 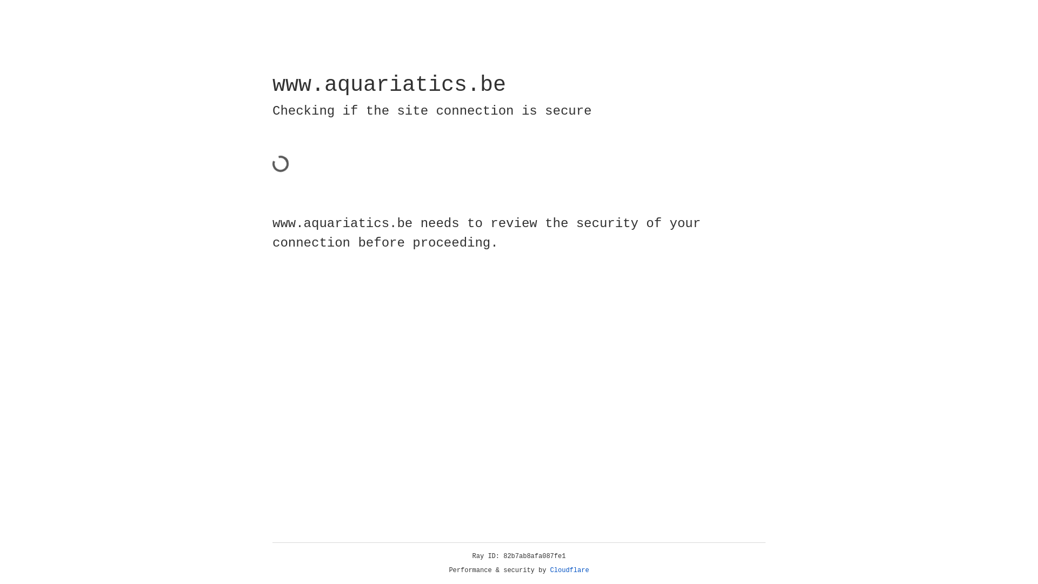 I want to click on 'Cloudflare', so click(x=569, y=570).